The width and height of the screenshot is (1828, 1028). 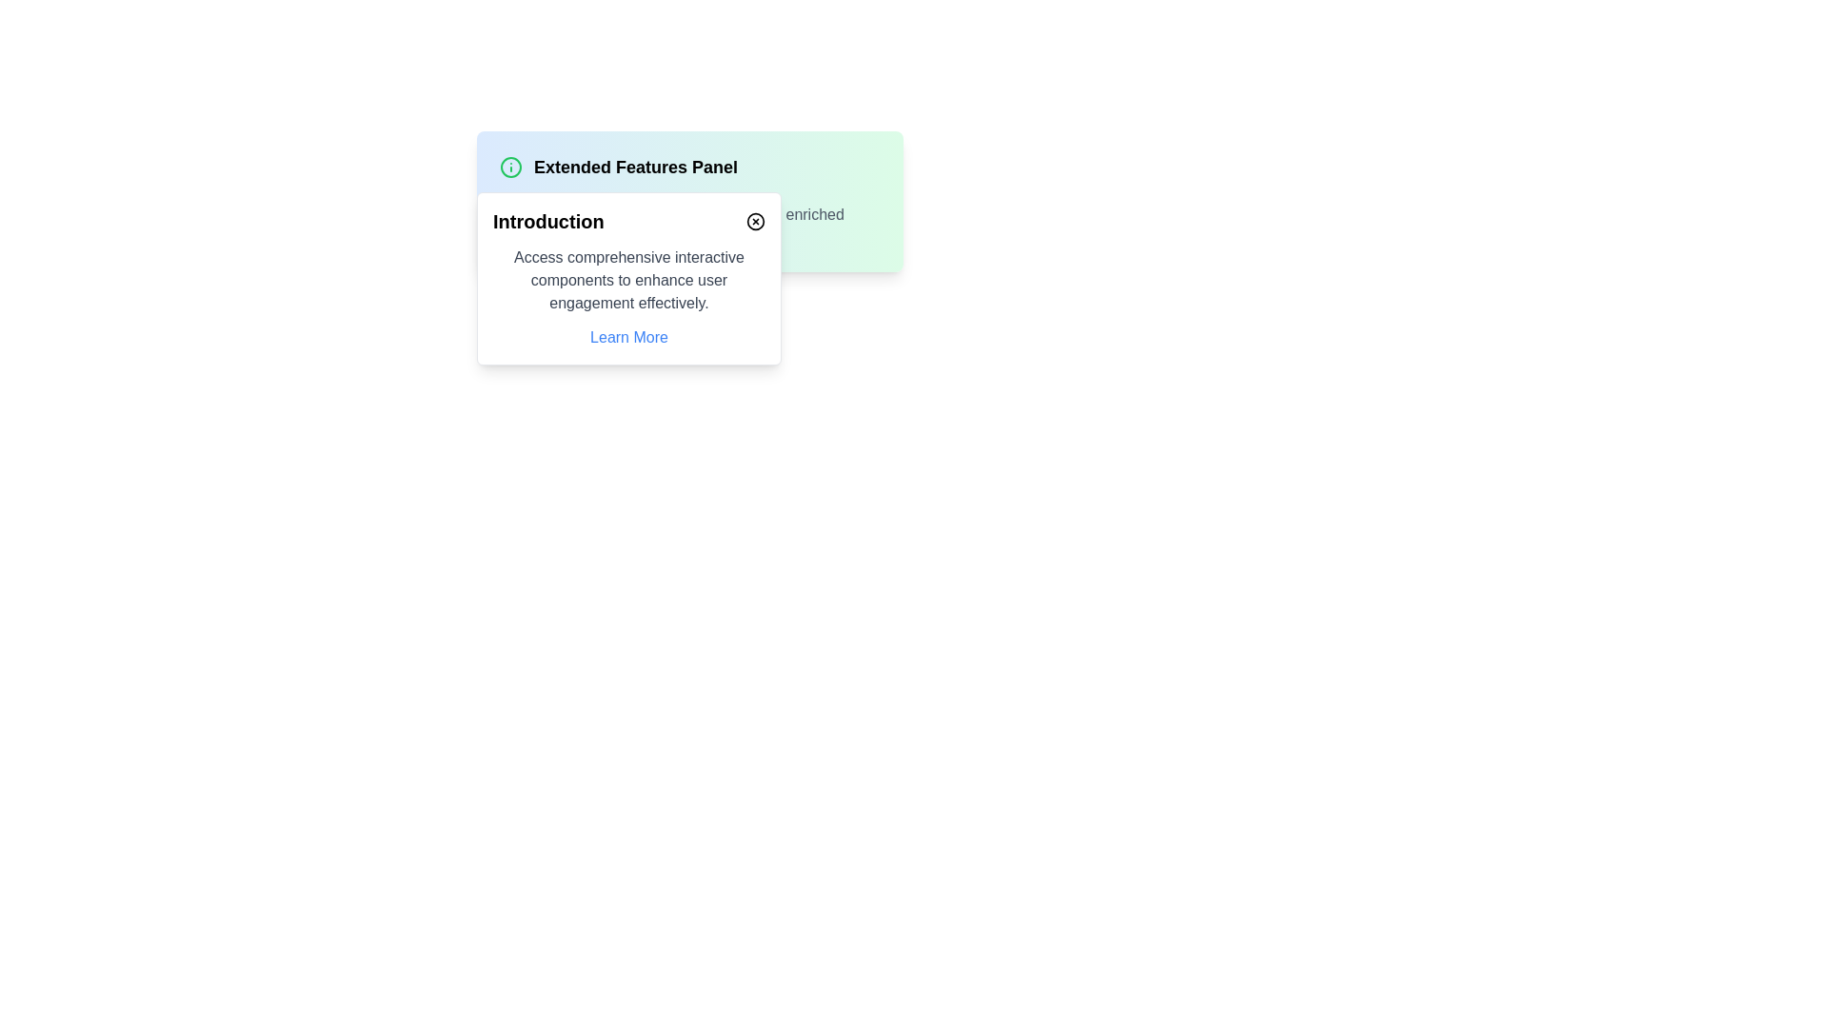 I want to click on the Static Text Block displaying the sentence 'Access comprehensive interactive components to enhance user engagement effectively.' which is located below the heading 'Introduction' in the pop-up card layout, so click(x=629, y=280).